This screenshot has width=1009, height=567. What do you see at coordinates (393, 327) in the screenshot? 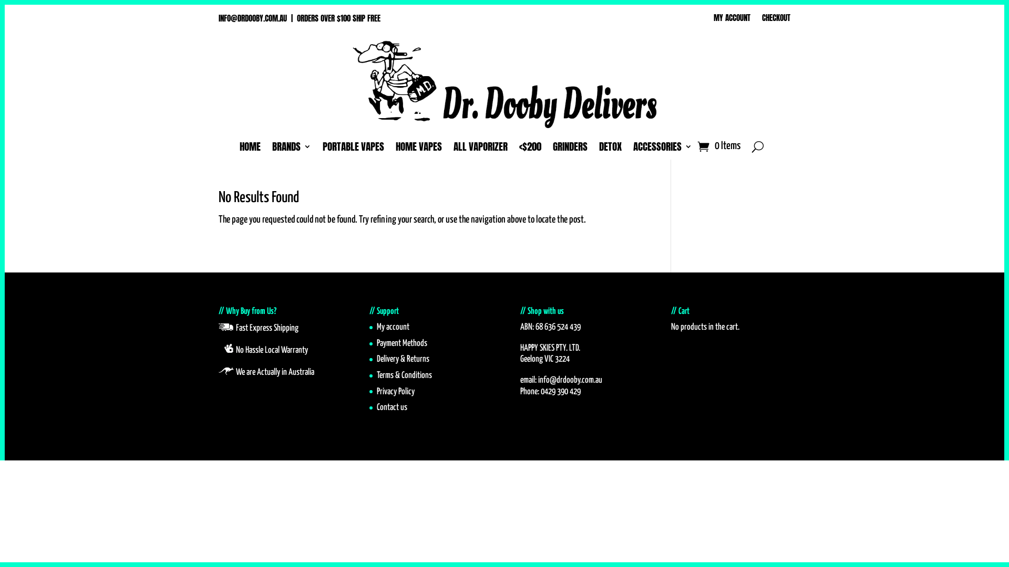
I see `'My account'` at bounding box center [393, 327].